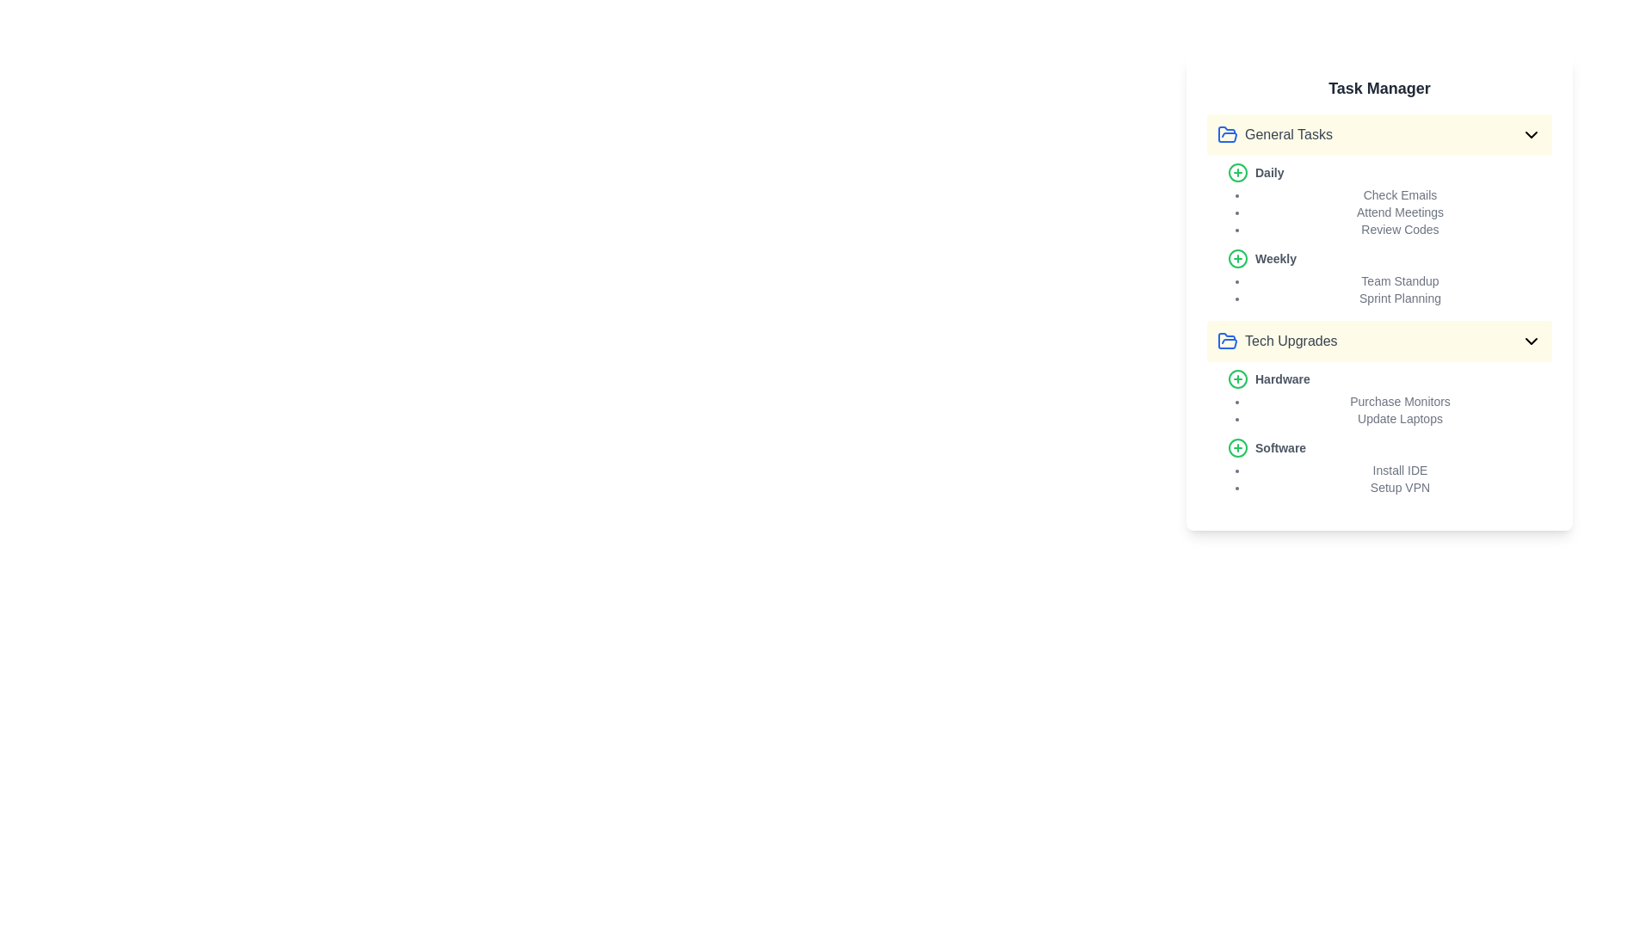 Image resolution: width=1652 pixels, height=929 pixels. What do you see at coordinates (1390, 288) in the screenshot?
I see `the List item group containing 'Team Standup' and 'Sprint Planning' under the 'Weekly' section of 'General Tasks'` at bounding box center [1390, 288].